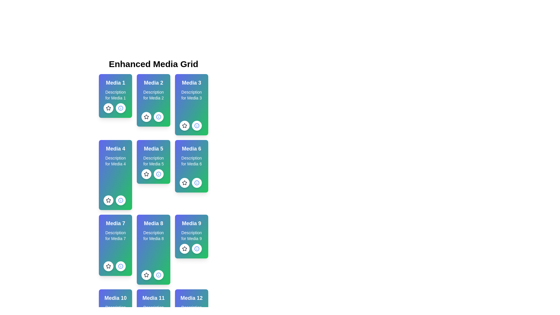  Describe the element at coordinates (115, 266) in the screenshot. I see `the clickable informational icon button located in the bottom-left area of the 'Media 7' card by moving the cursor to its center point` at that location.